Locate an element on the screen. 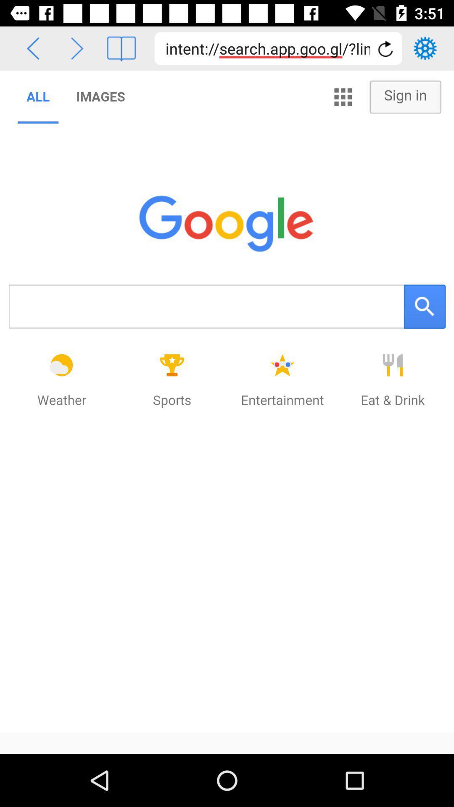 This screenshot has width=454, height=807. menu page is located at coordinates (121, 48).